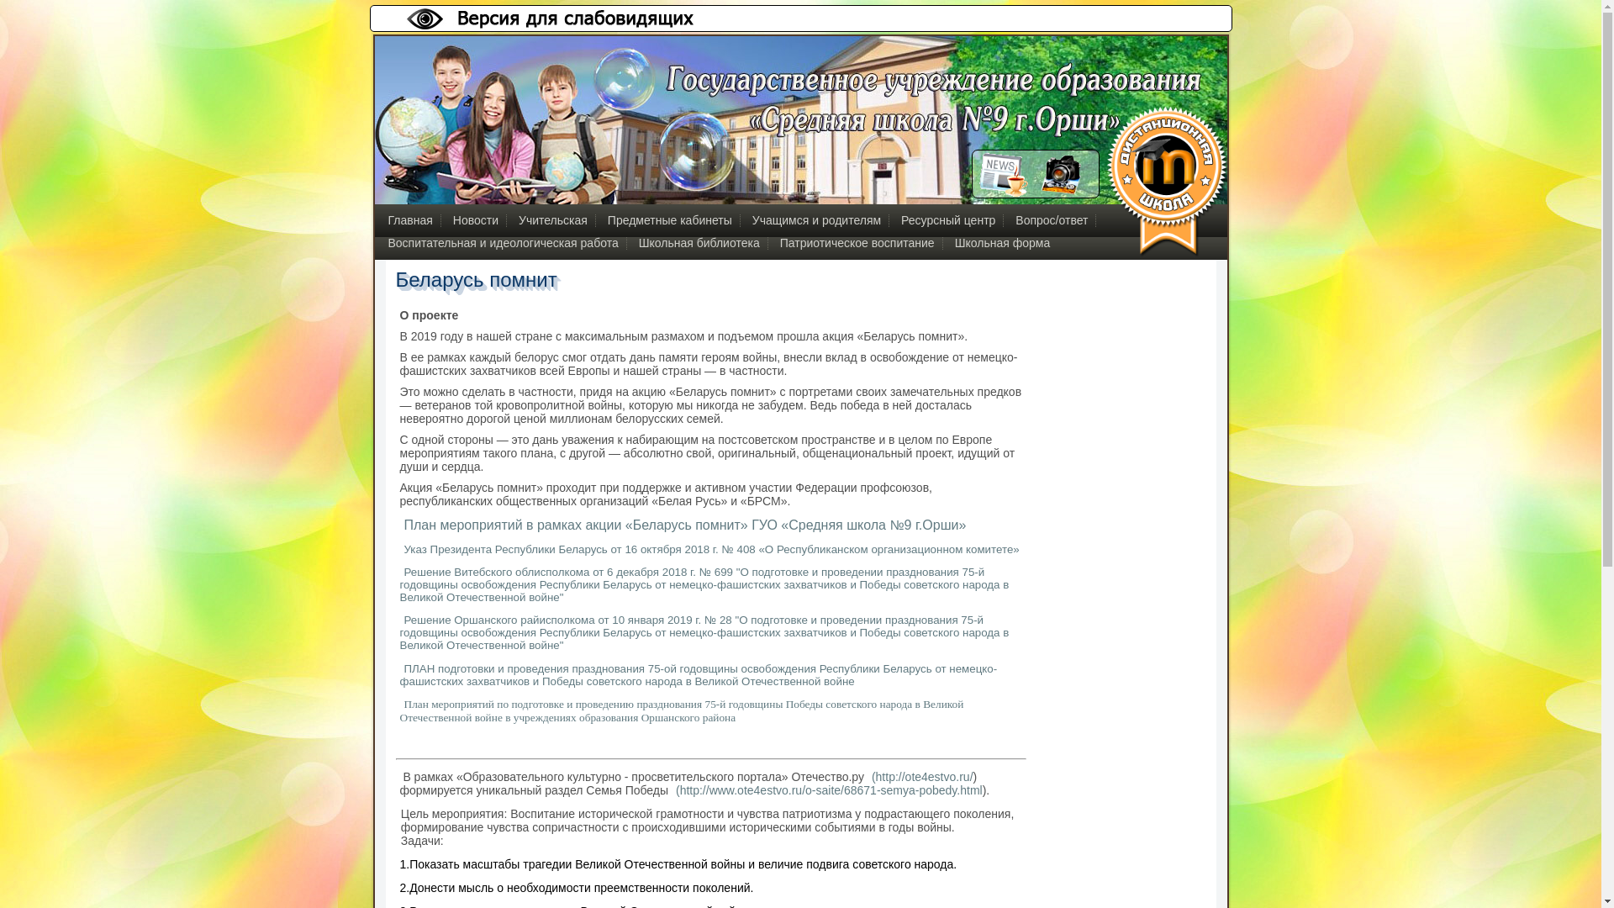 The height and width of the screenshot is (908, 1614). I want to click on '(http://www.ote4estvo.ru/o-saite/68671-semya-pobedy.html', so click(826, 790).